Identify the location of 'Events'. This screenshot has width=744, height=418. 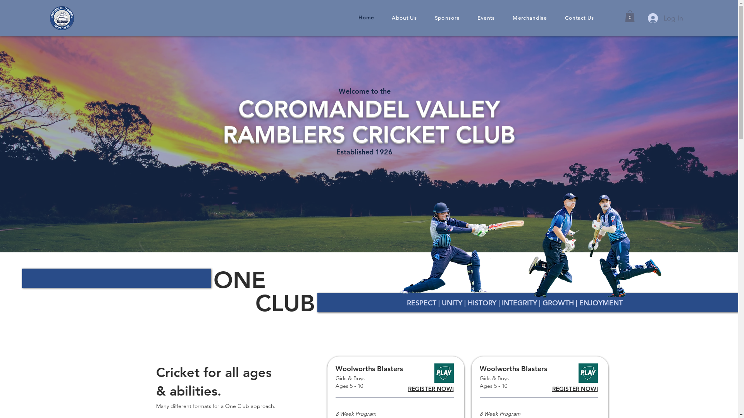
(486, 17).